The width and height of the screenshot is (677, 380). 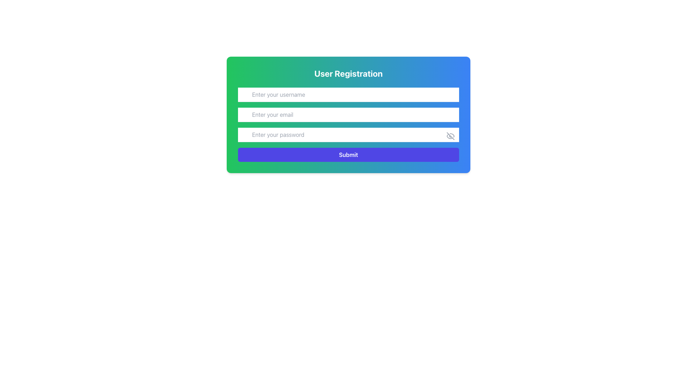 I want to click on the submit button located at the bottom of the registration panel, so click(x=348, y=154).